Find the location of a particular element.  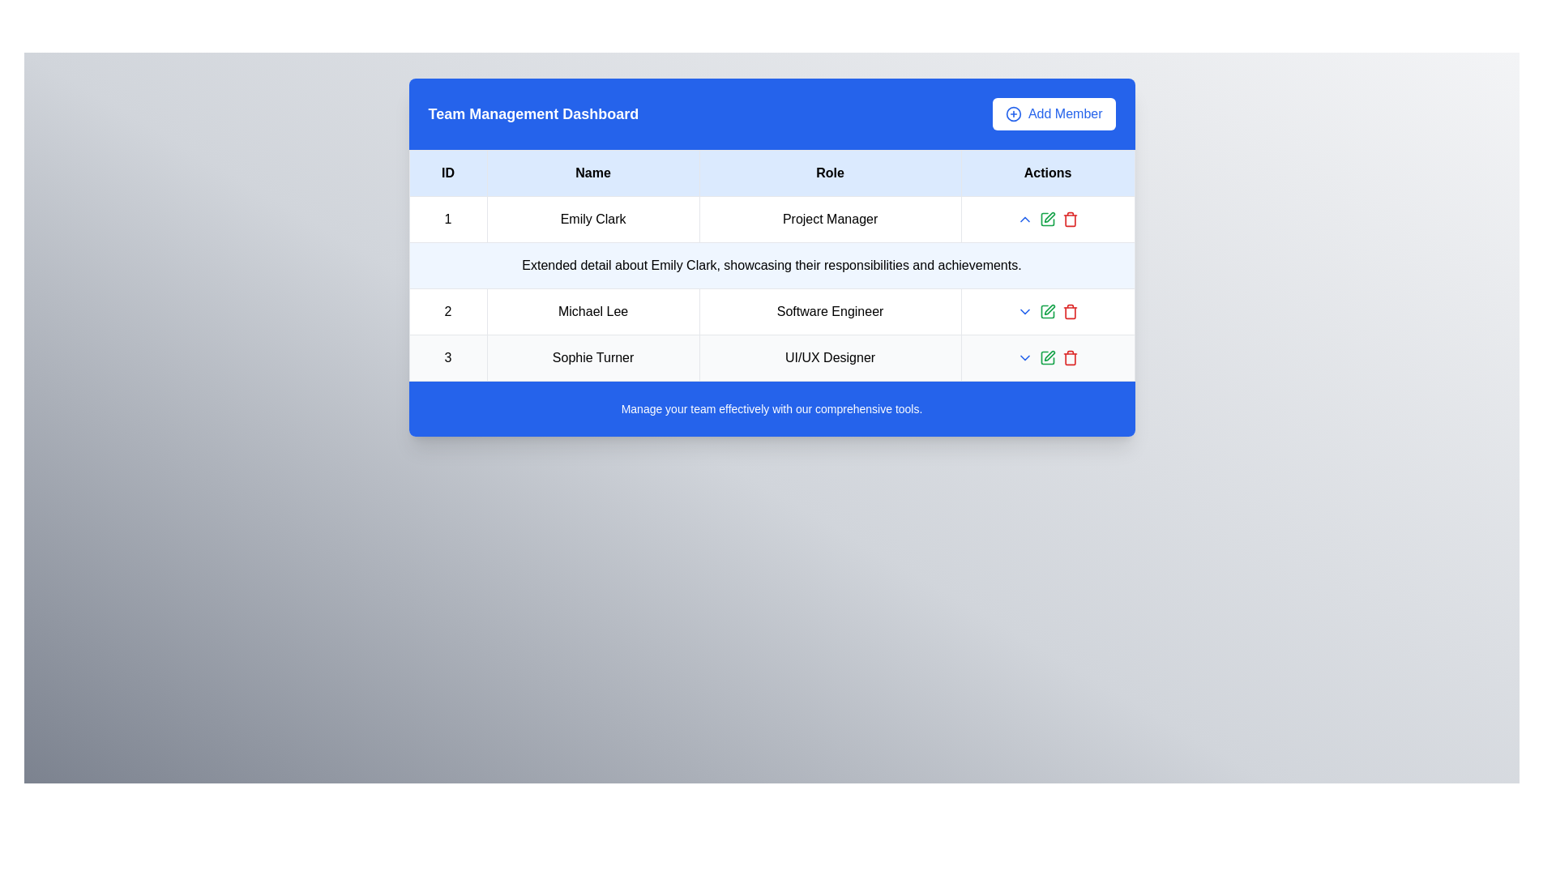

the editable pen icon in the 'Actions' column of the last row for 'Sophie Turner' in the 'Team Management Dashboard' is located at coordinates (1049, 355).